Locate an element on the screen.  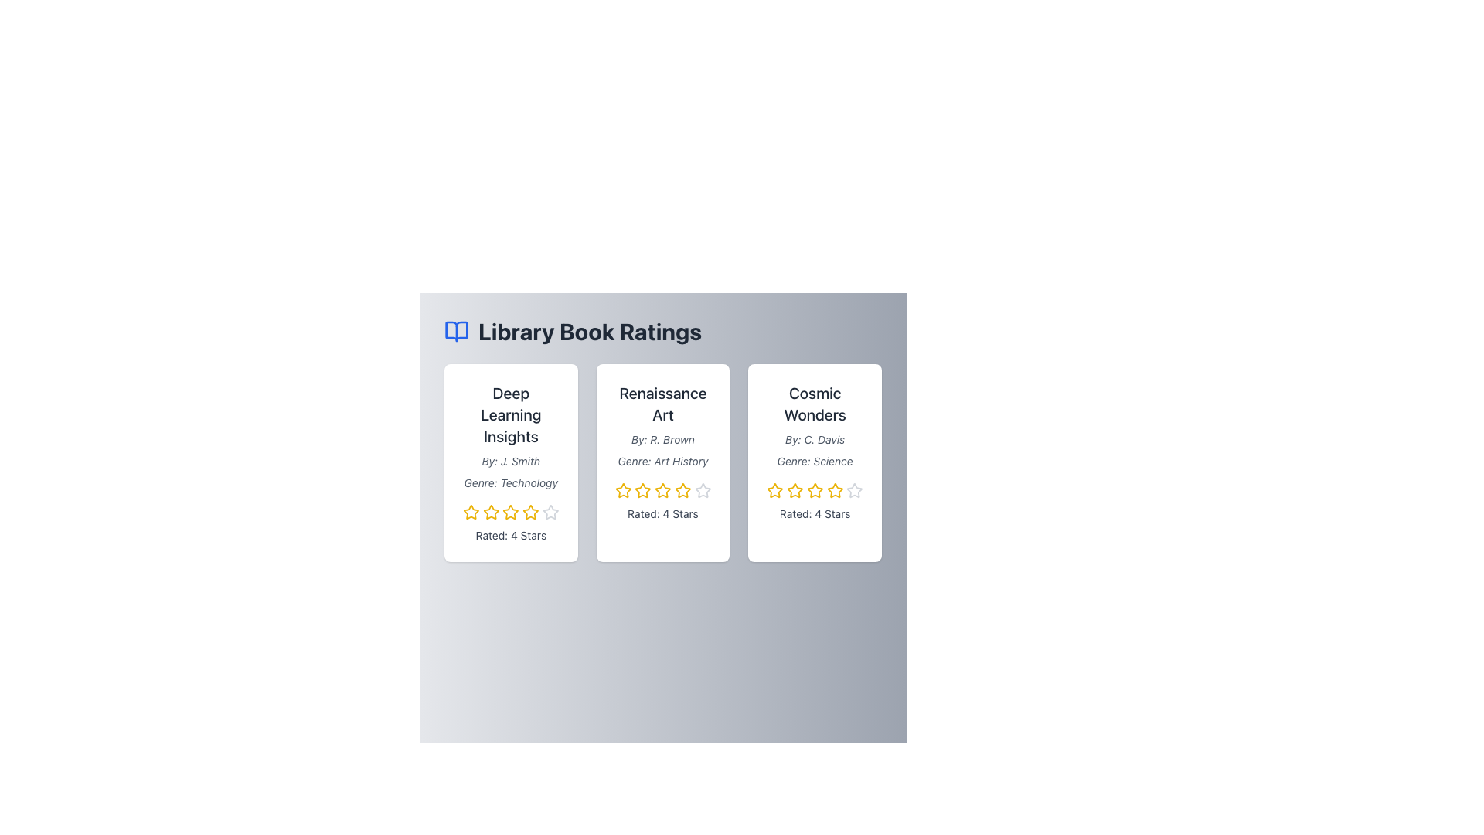
the rating is located at coordinates (812, 490).